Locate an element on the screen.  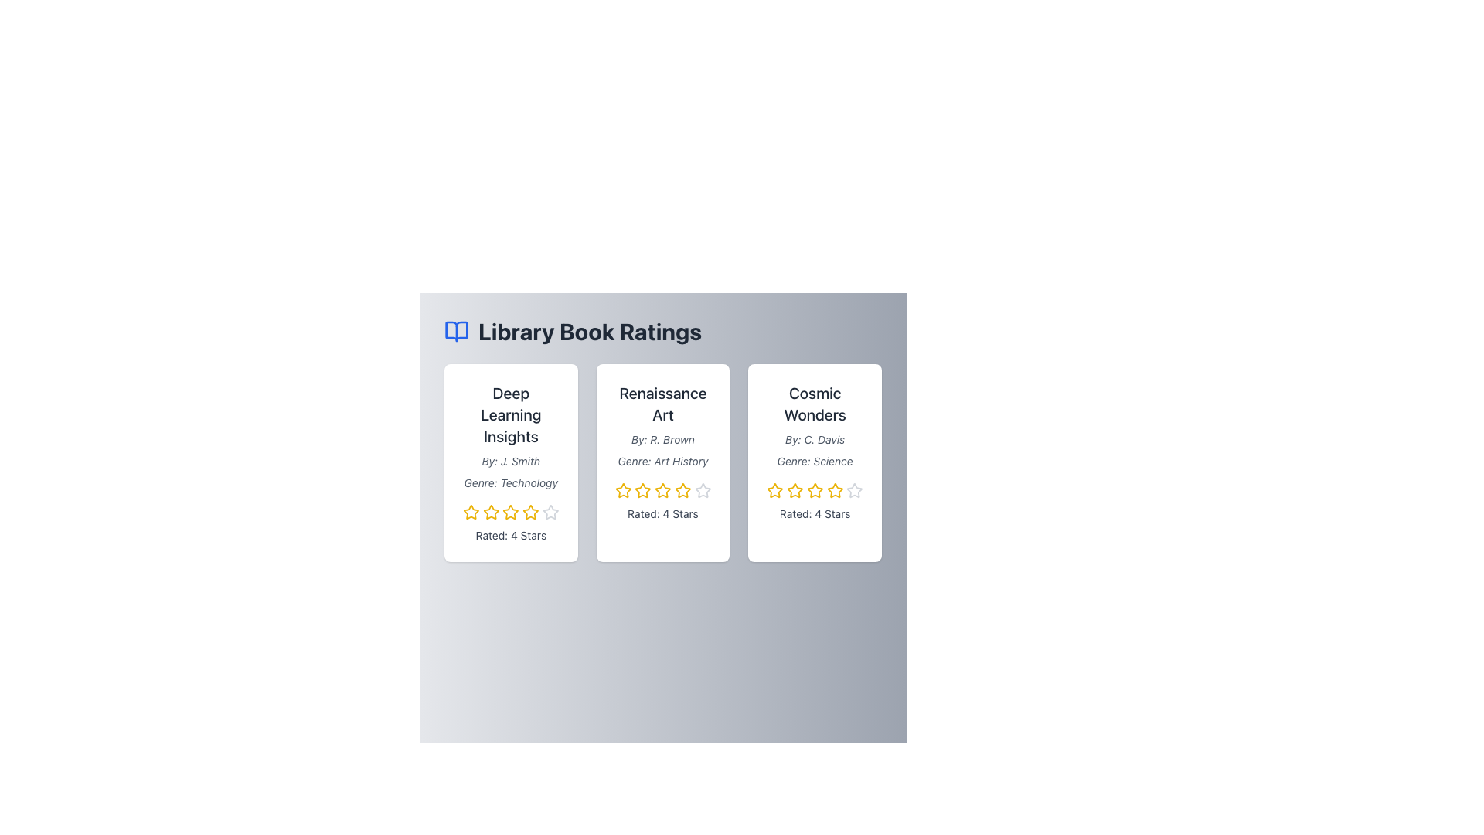
the rating is located at coordinates (812, 490).